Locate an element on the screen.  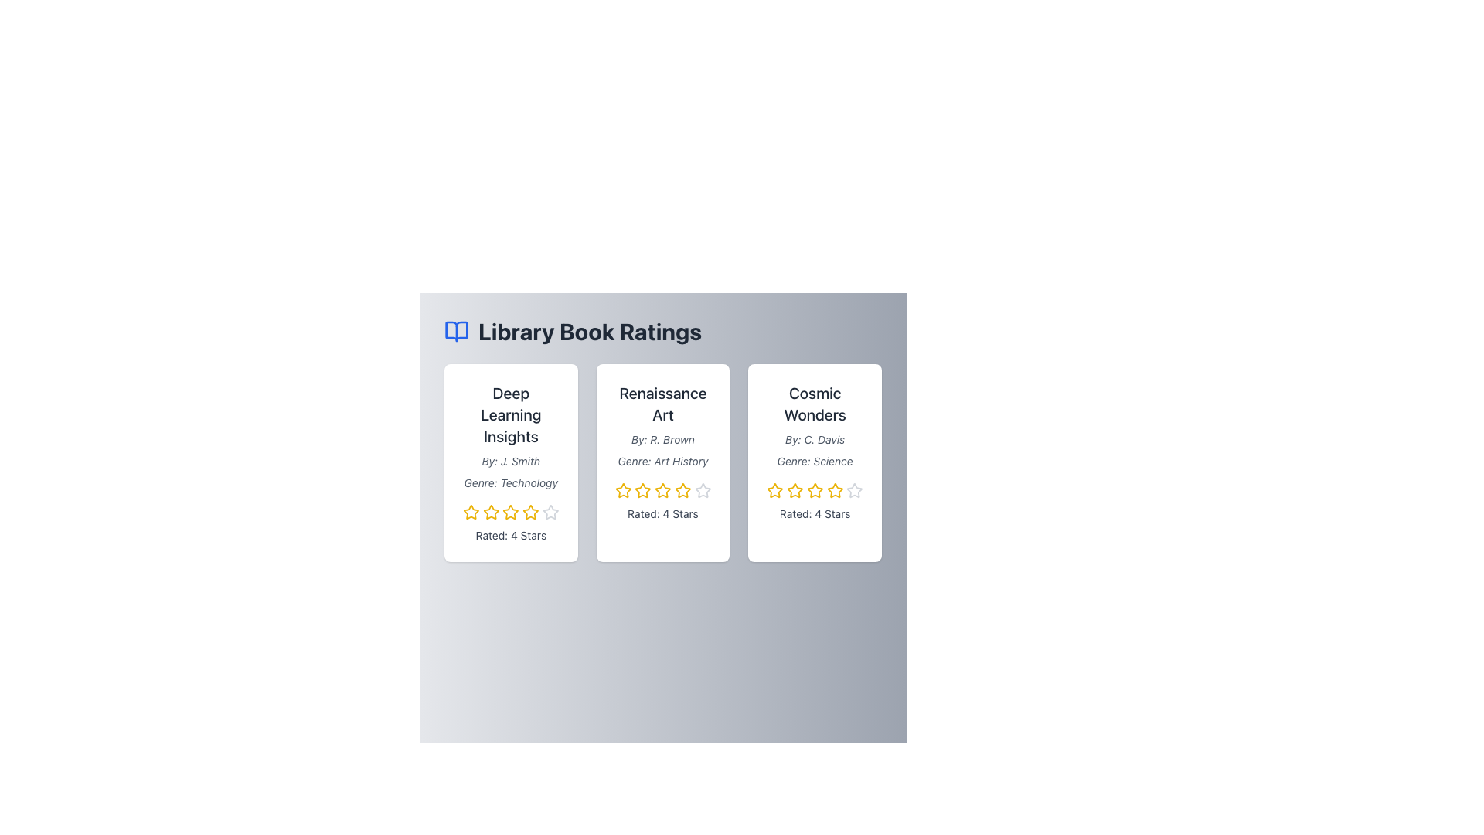
the rating is located at coordinates (812, 490).